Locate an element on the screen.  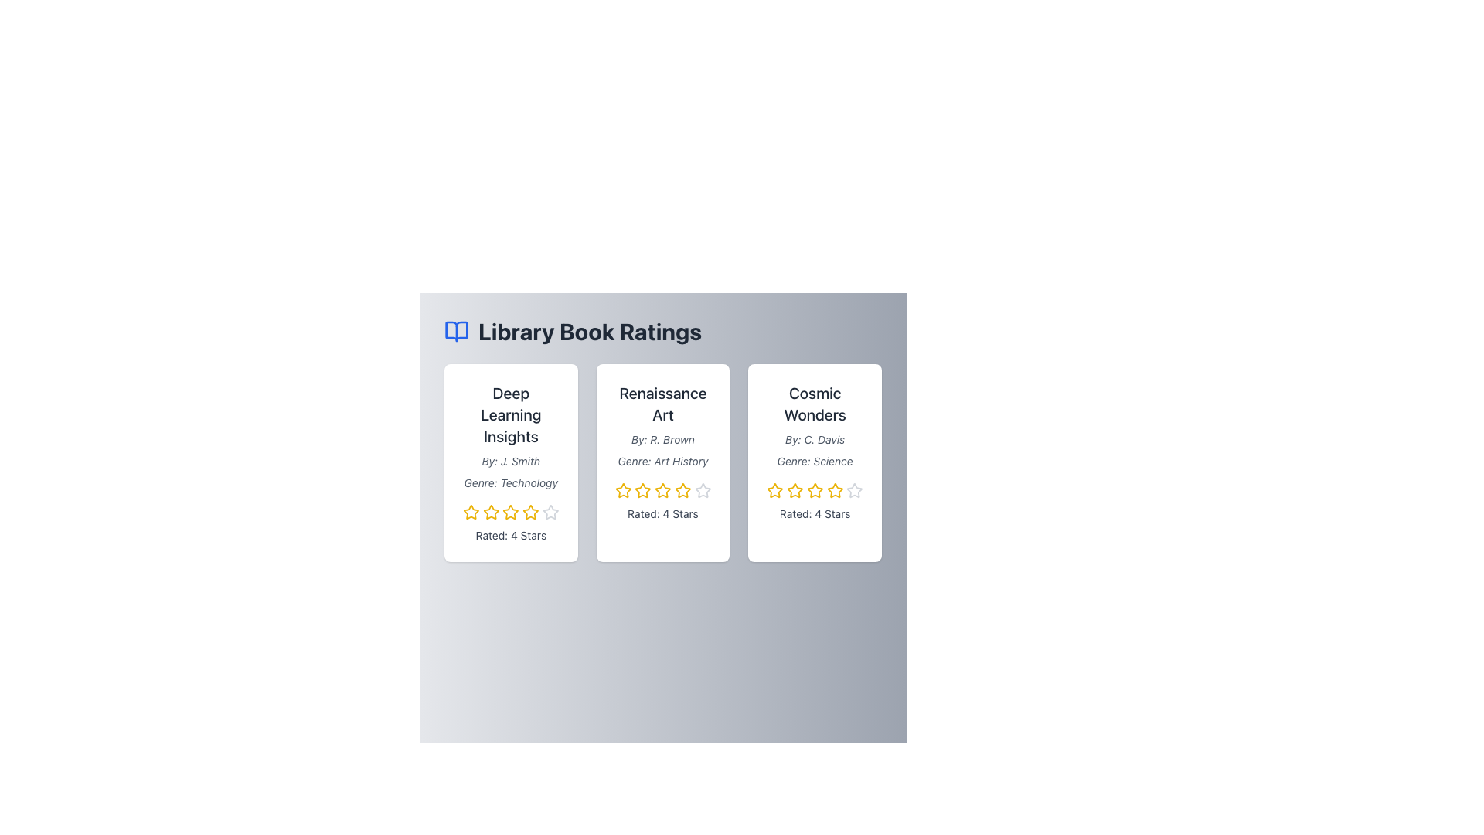
the rating is located at coordinates (812, 490).